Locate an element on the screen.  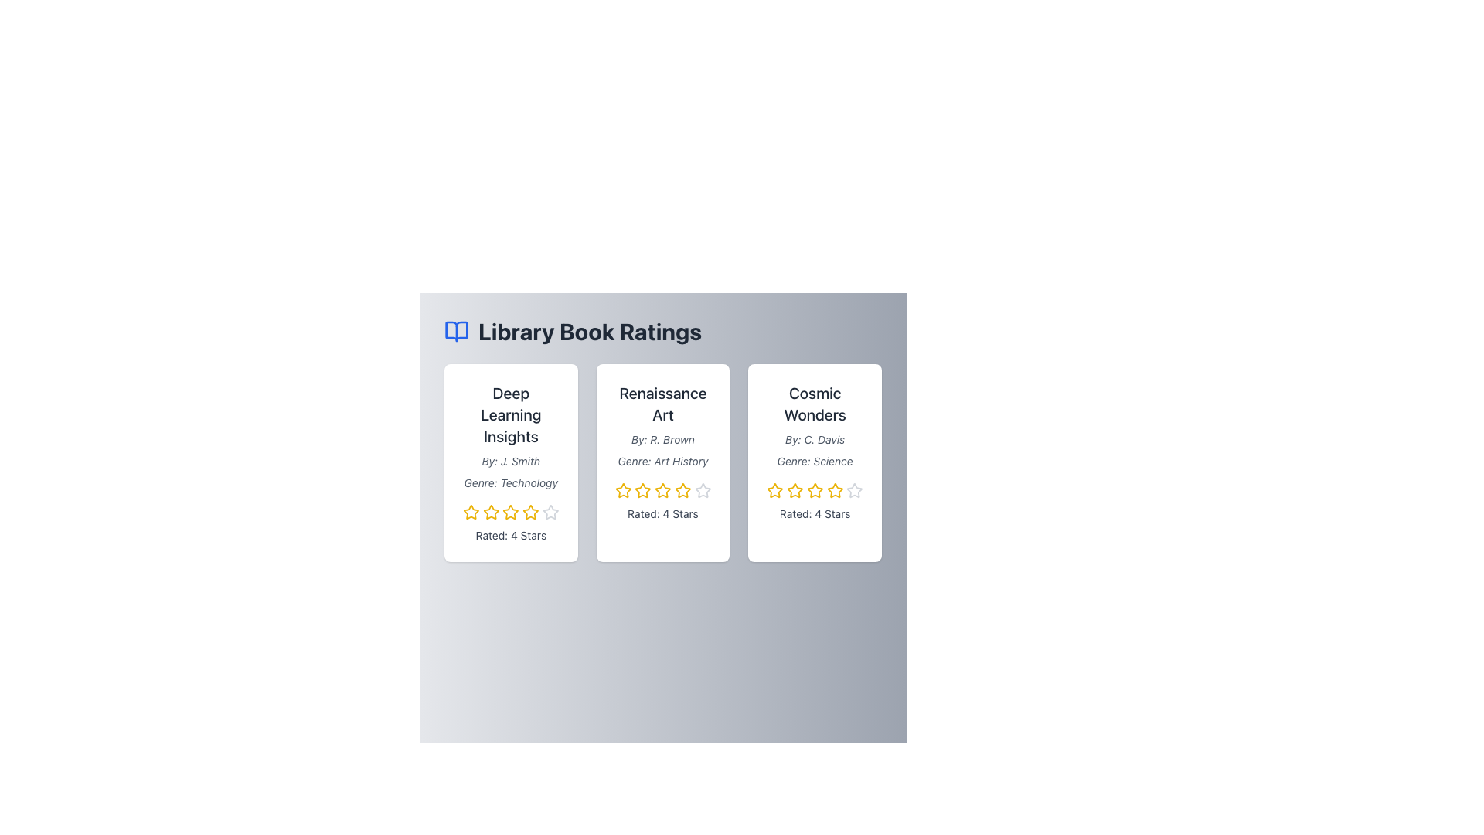
the rating is located at coordinates (812, 490).